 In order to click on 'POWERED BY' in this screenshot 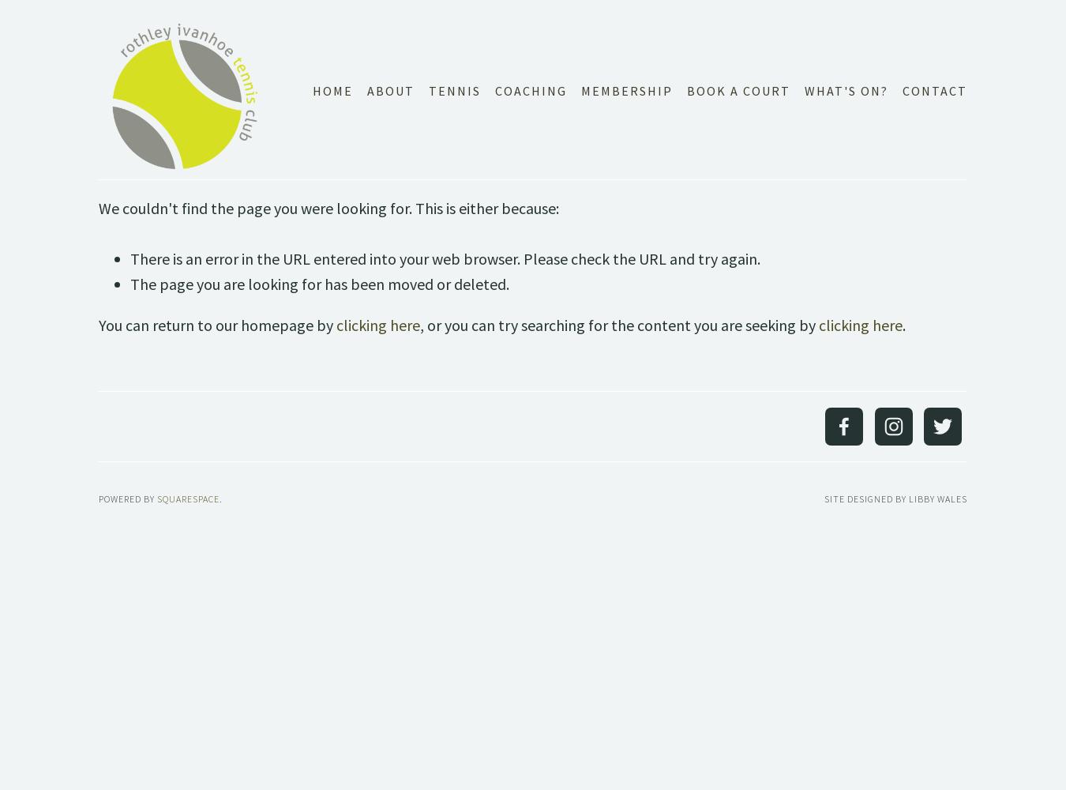, I will do `click(128, 498)`.